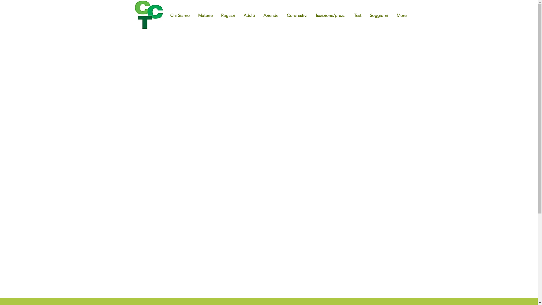  Describe the element at coordinates (270, 15) in the screenshot. I see `'Aziende'` at that location.